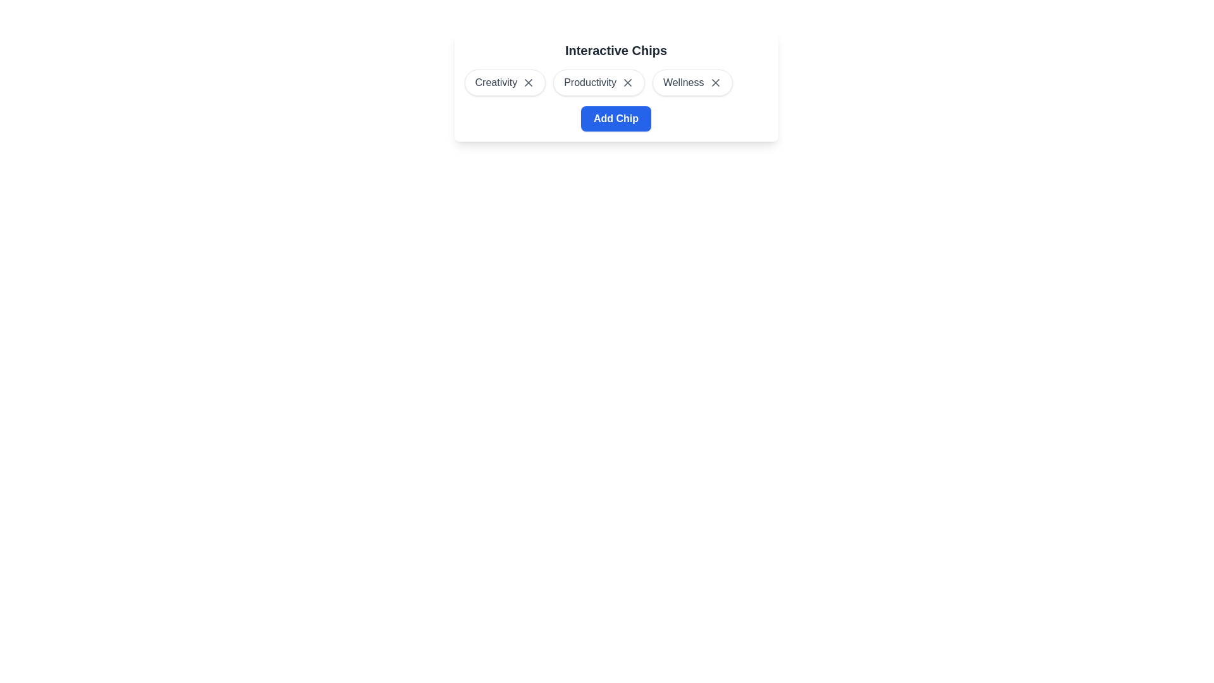 This screenshot has height=683, width=1214. I want to click on the button, so click(627, 83).